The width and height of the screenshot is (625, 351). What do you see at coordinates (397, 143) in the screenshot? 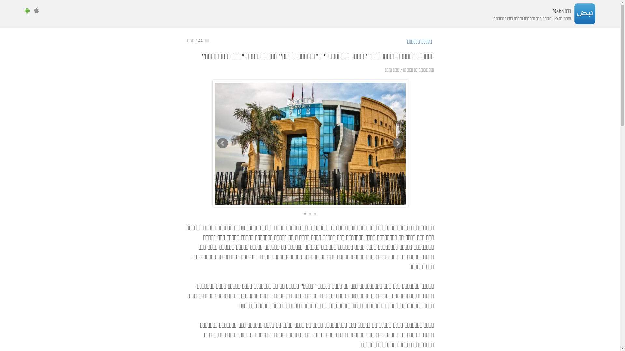
I see `'Next'` at bounding box center [397, 143].